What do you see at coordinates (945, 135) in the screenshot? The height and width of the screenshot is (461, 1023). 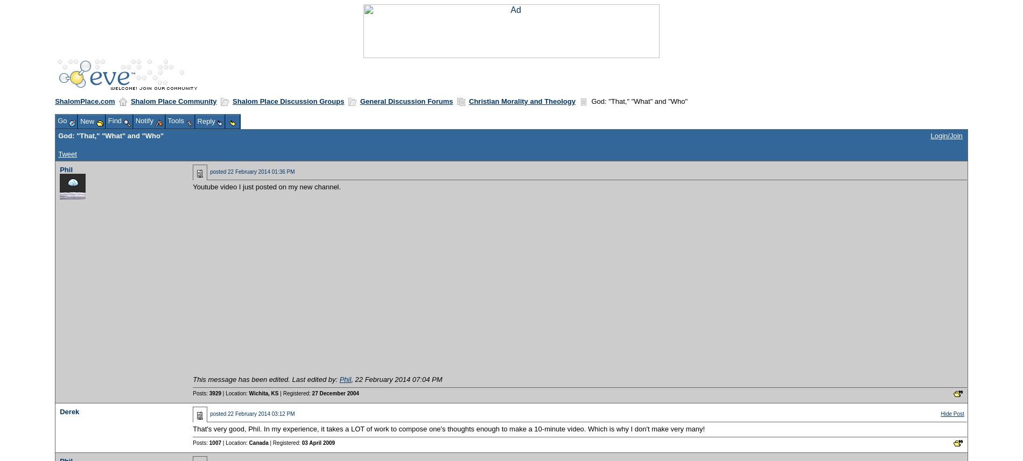 I see `'Login/Join'` at bounding box center [945, 135].